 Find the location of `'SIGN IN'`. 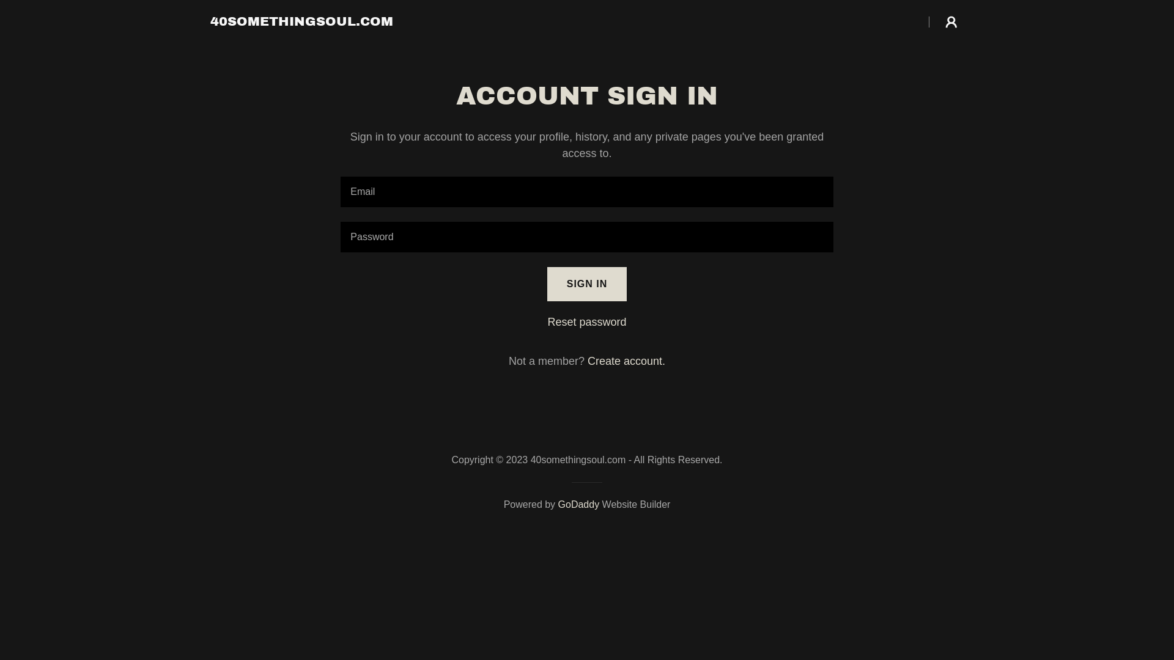

'SIGN IN' is located at coordinates (587, 284).